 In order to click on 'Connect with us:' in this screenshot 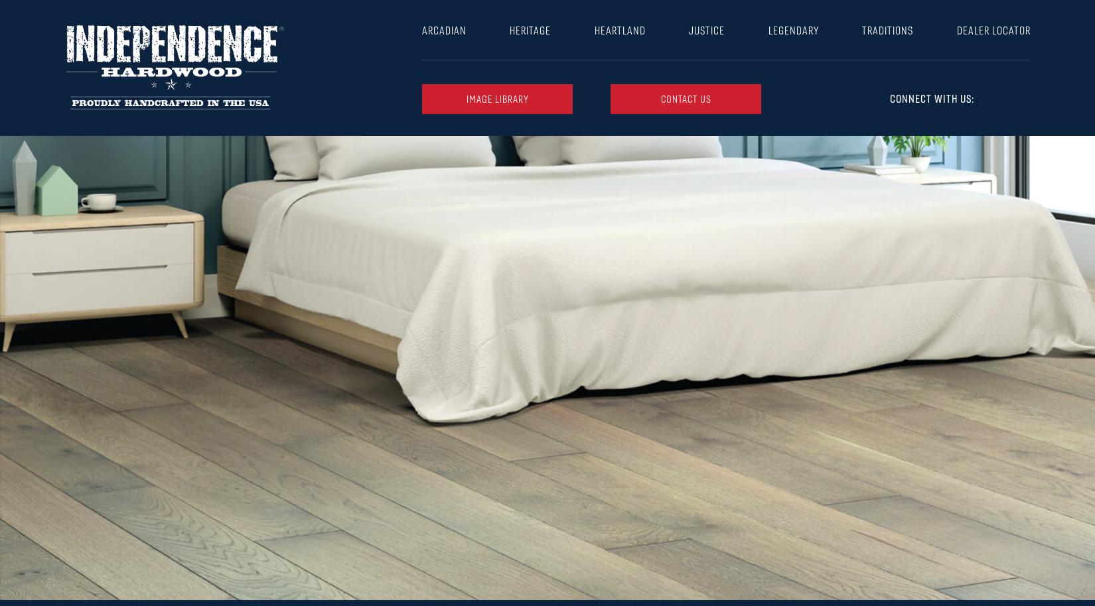, I will do `click(889, 97)`.